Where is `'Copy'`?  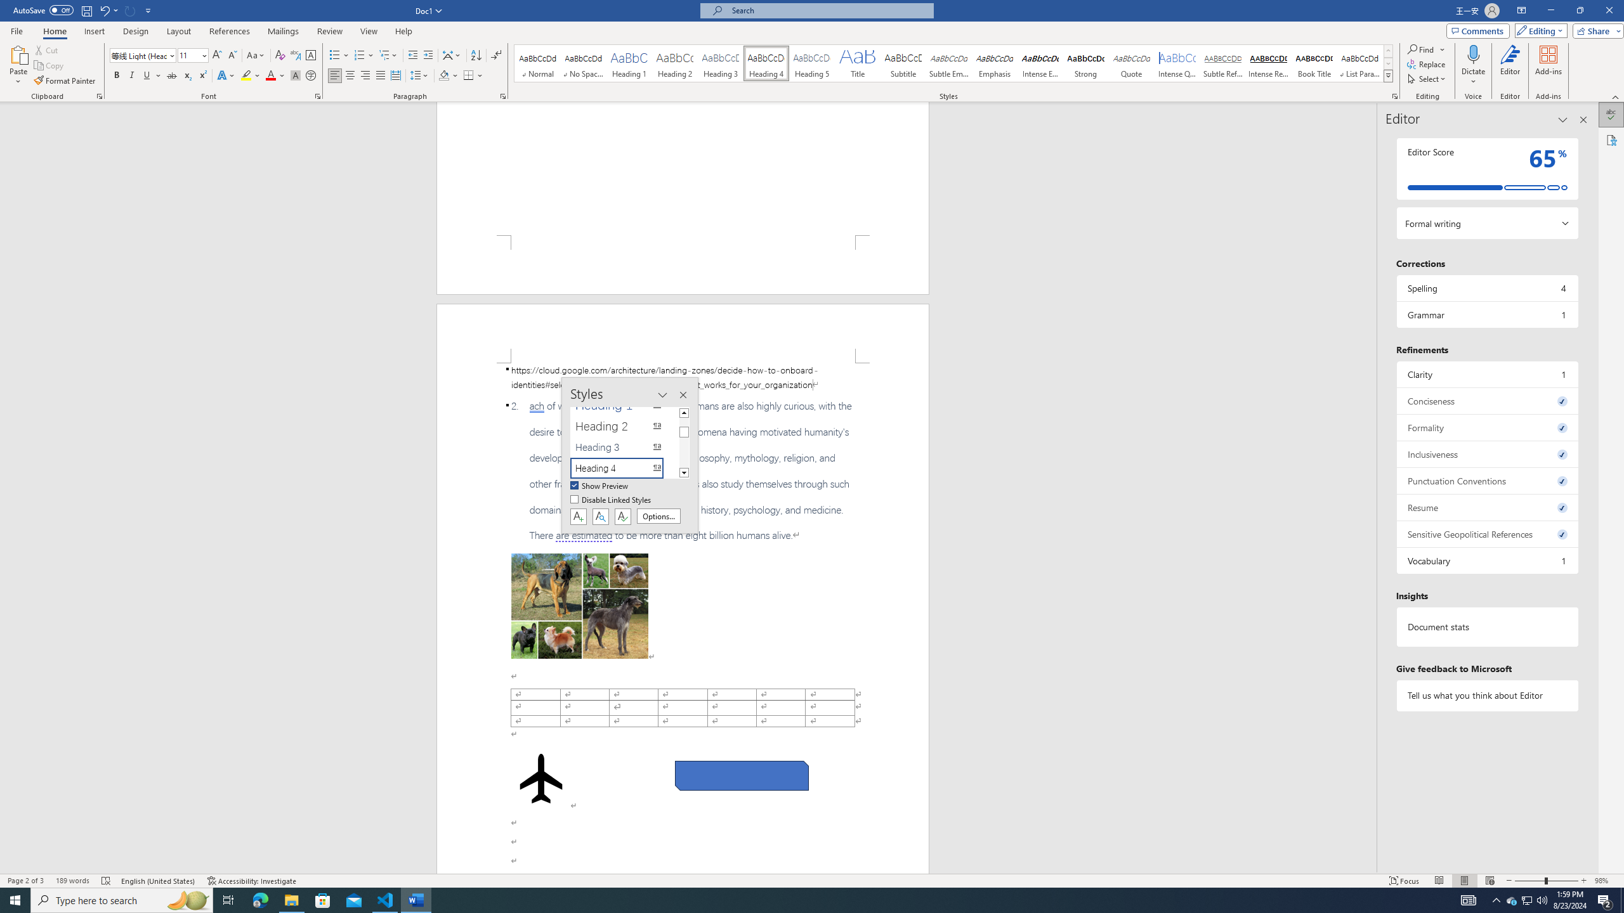
'Copy' is located at coordinates (49, 65).